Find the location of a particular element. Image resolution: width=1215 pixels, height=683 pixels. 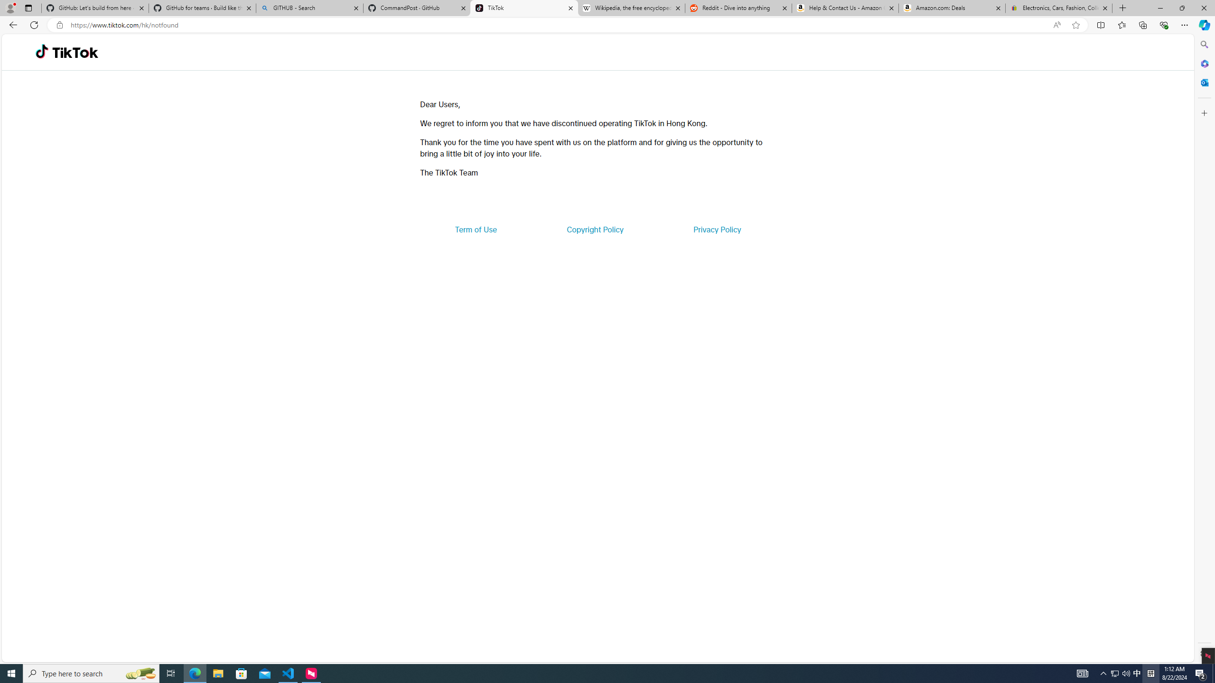

'Electronics, Cars, Fashion, Collectibles & More | eBay' is located at coordinates (1058, 8).